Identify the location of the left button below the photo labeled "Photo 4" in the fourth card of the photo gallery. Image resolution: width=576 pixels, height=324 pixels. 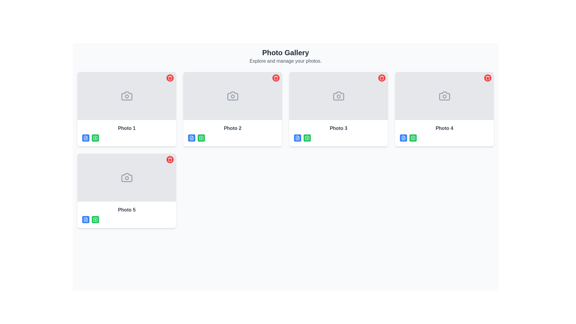
(403, 138).